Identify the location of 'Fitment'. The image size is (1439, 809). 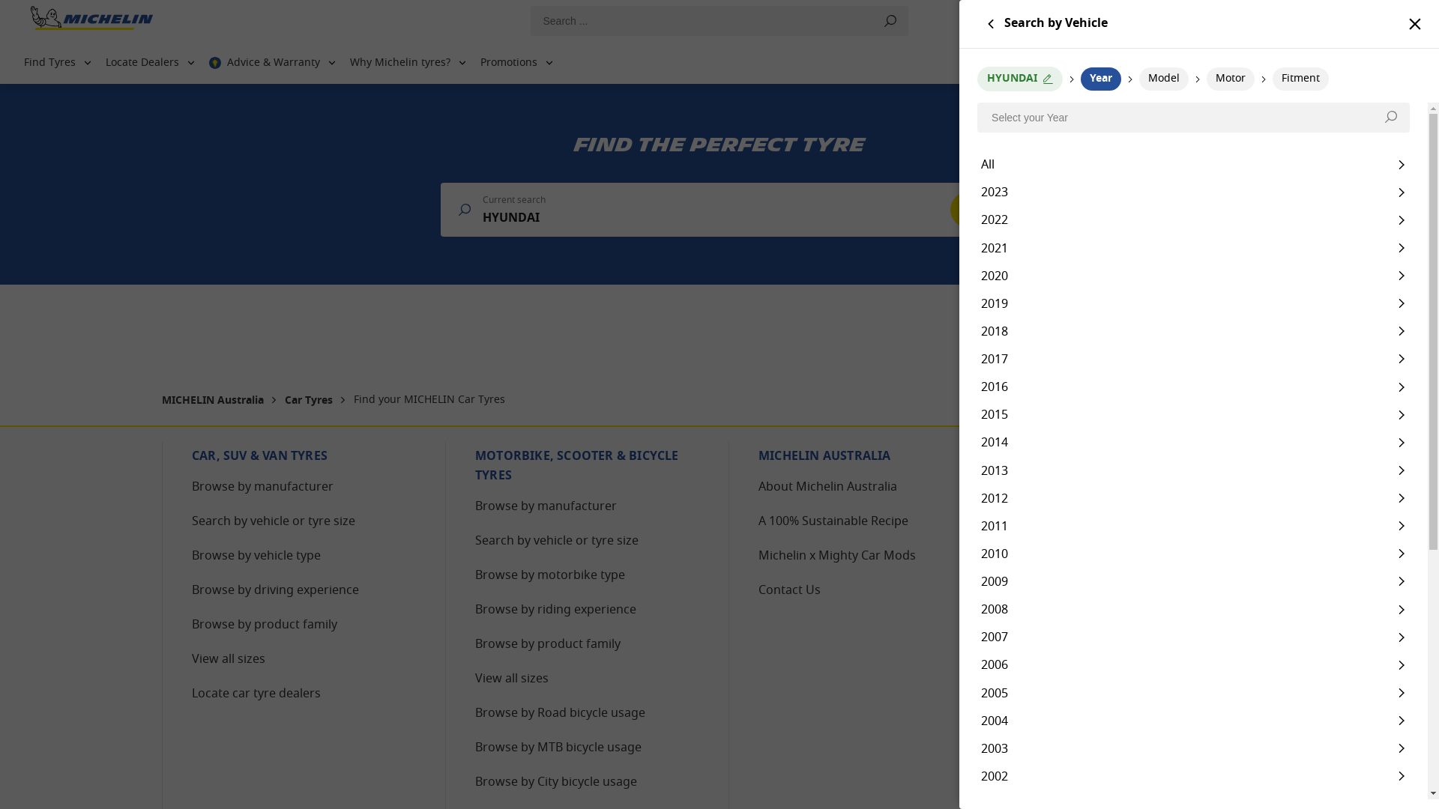
(1300, 79).